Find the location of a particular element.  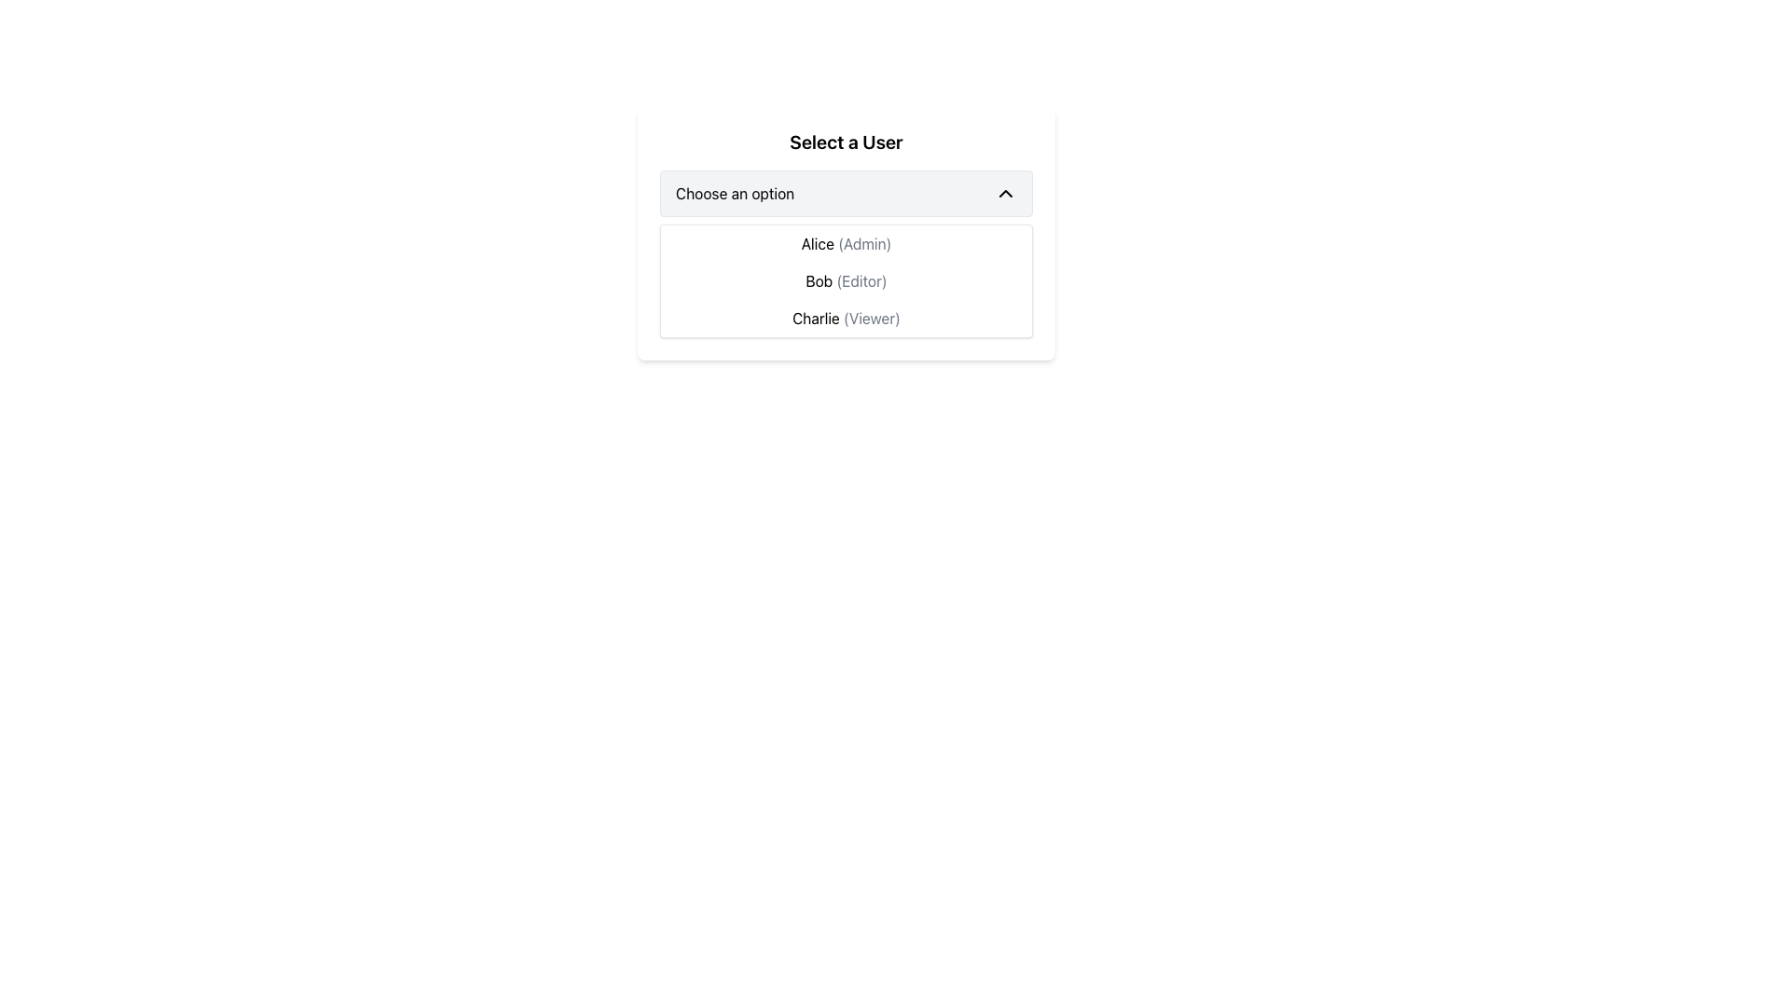

on the list item displaying 'Bob (Editor)' is located at coordinates (845, 280).